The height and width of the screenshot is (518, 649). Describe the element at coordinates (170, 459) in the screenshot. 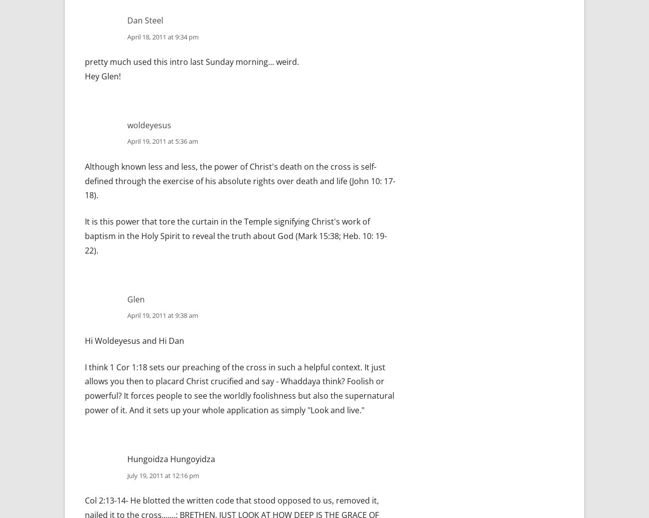

I see `'Hungoidza Hungoyidza'` at that location.